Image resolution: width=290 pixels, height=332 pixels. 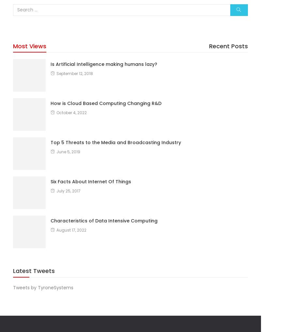 What do you see at coordinates (91, 181) in the screenshot?
I see `'Six Facts About Internet Of Things'` at bounding box center [91, 181].